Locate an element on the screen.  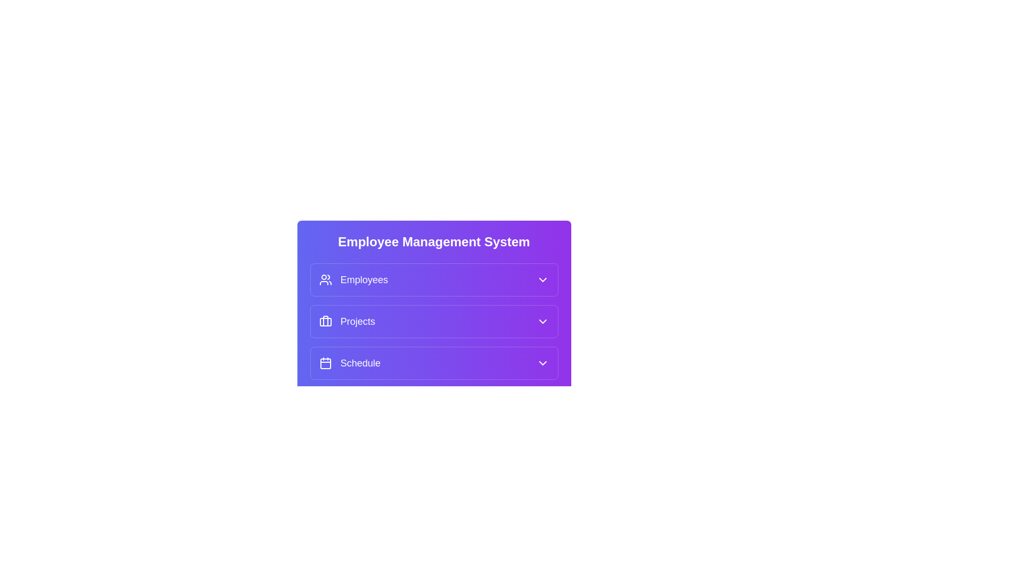
the first menu item under 'Employee Management System' is located at coordinates (434, 279).